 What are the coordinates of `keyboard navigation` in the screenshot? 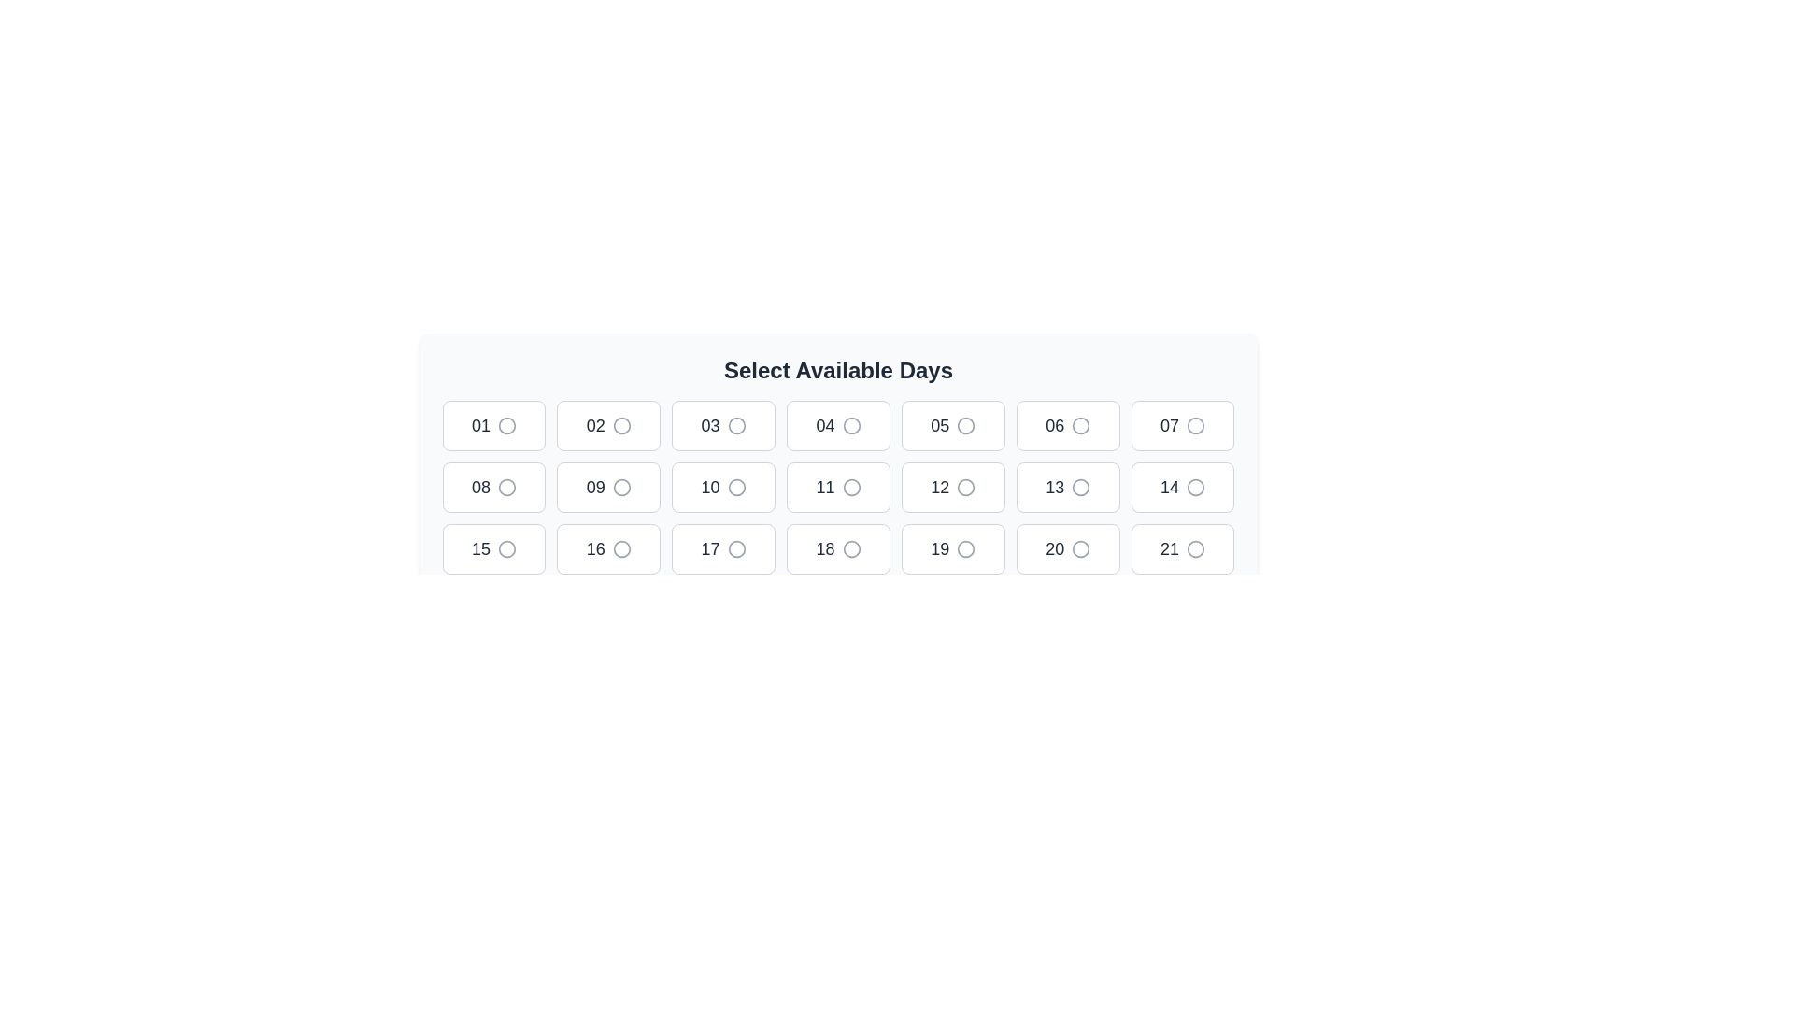 It's located at (1068, 425).